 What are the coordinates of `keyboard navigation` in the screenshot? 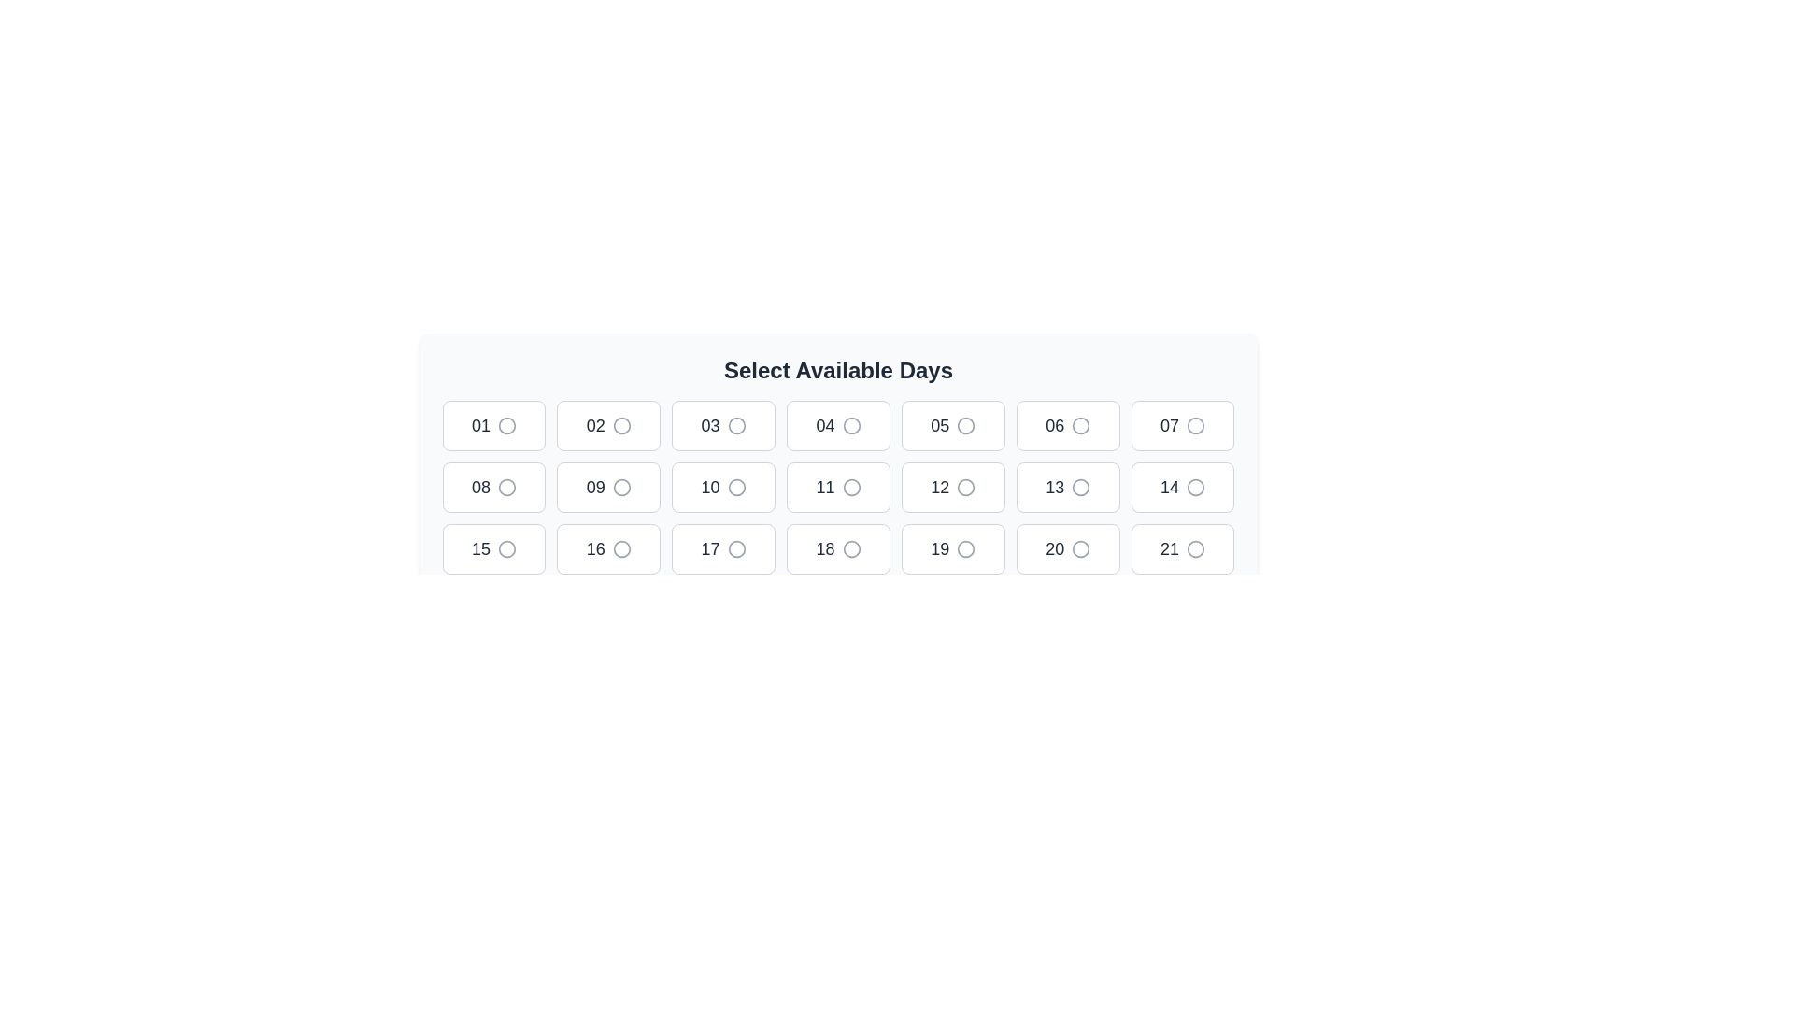 It's located at (1068, 425).